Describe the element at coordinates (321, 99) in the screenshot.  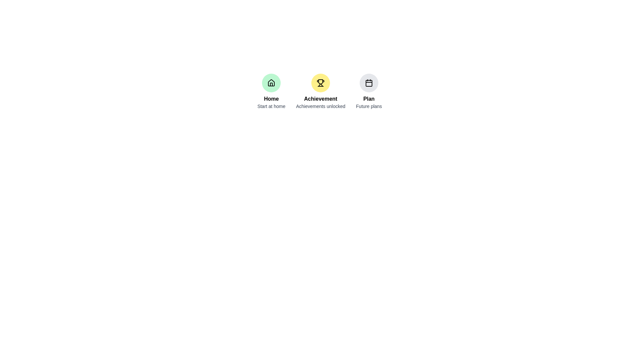
I see `the header element located in the center column, which indicates the context of the associated information, specifically the text 'Achievement'` at that location.